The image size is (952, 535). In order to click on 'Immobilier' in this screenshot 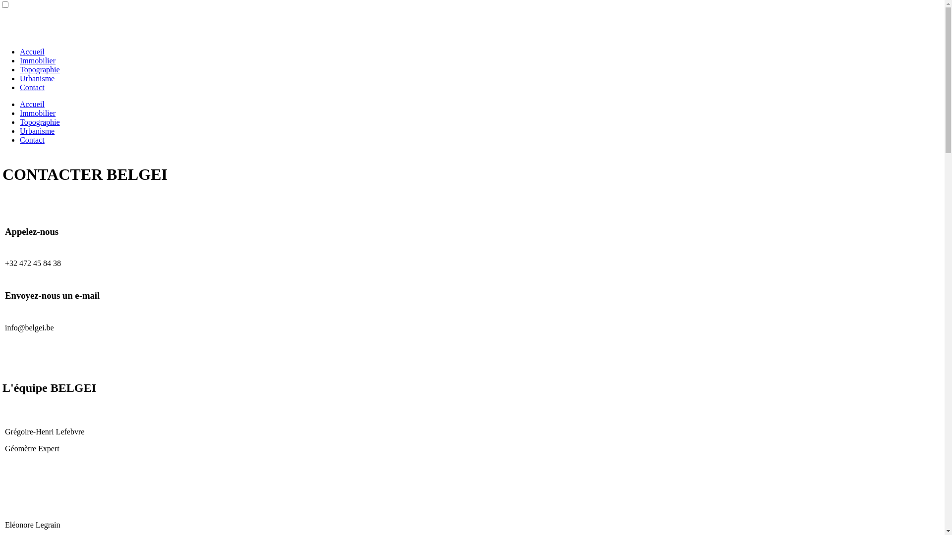, I will do `click(38, 60)`.